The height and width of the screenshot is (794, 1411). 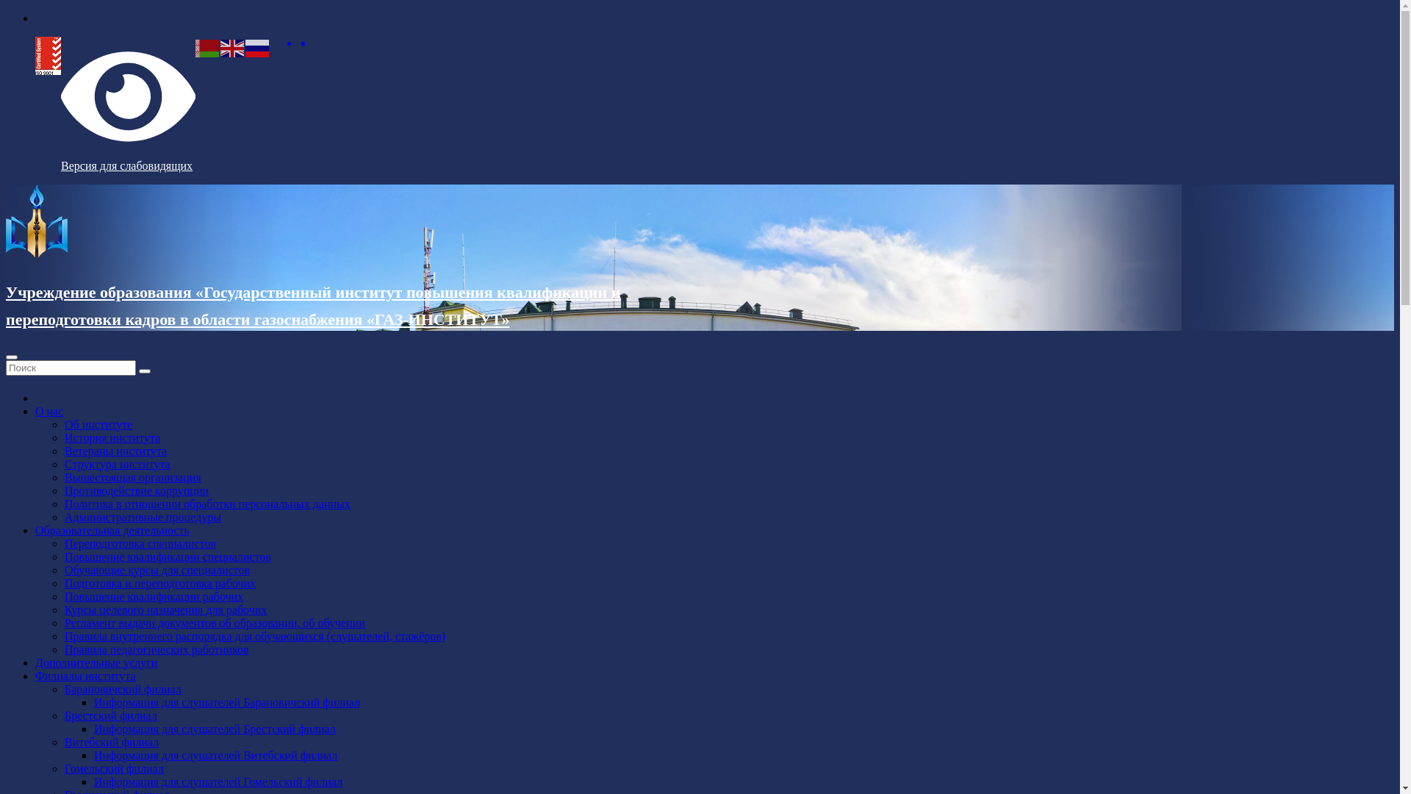 What do you see at coordinates (257, 46) in the screenshot?
I see `'Russian'` at bounding box center [257, 46].